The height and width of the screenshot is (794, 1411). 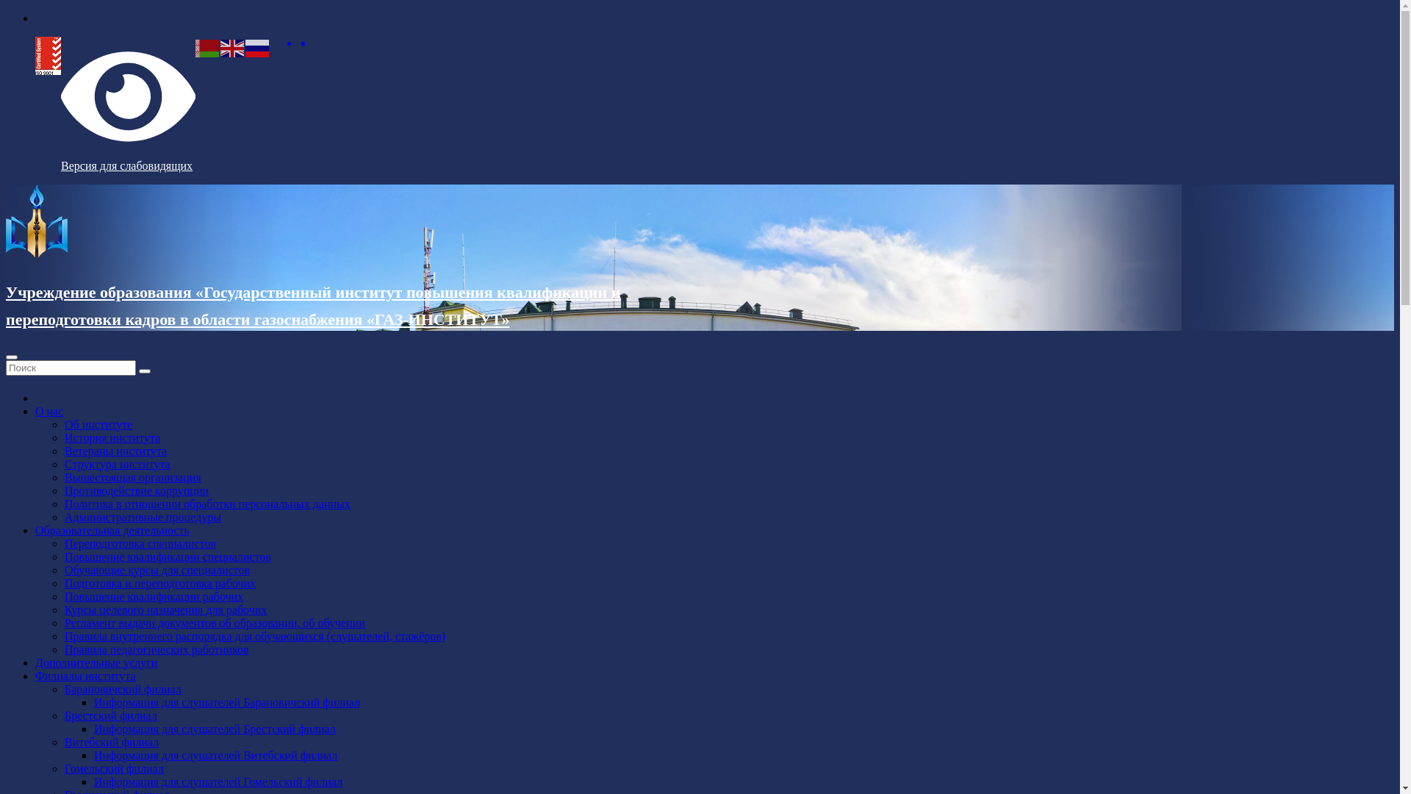 What do you see at coordinates (257, 46) in the screenshot?
I see `'Russian'` at bounding box center [257, 46].